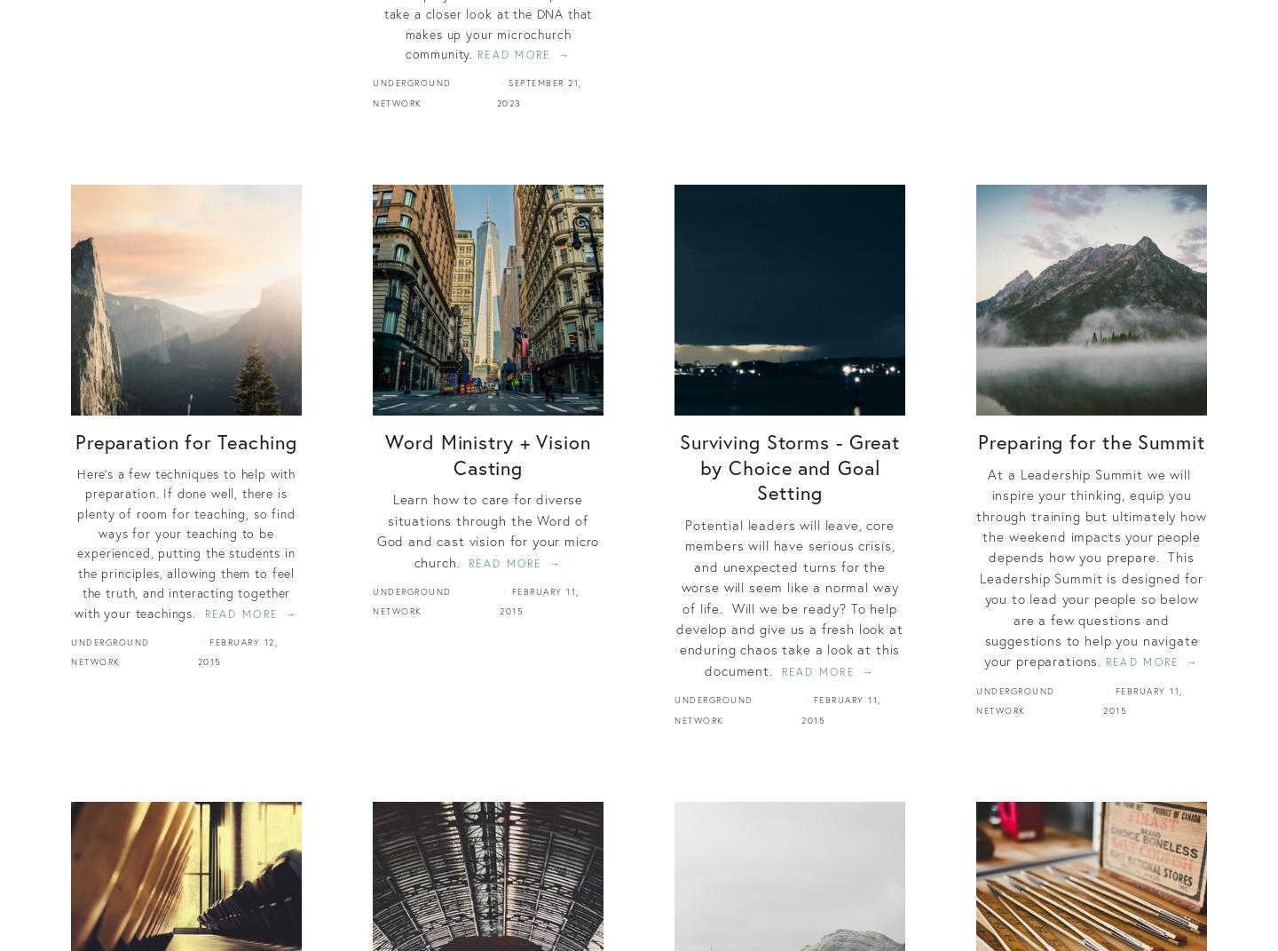  What do you see at coordinates (537, 92) in the screenshot?
I see `'September 21, 2023'` at bounding box center [537, 92].